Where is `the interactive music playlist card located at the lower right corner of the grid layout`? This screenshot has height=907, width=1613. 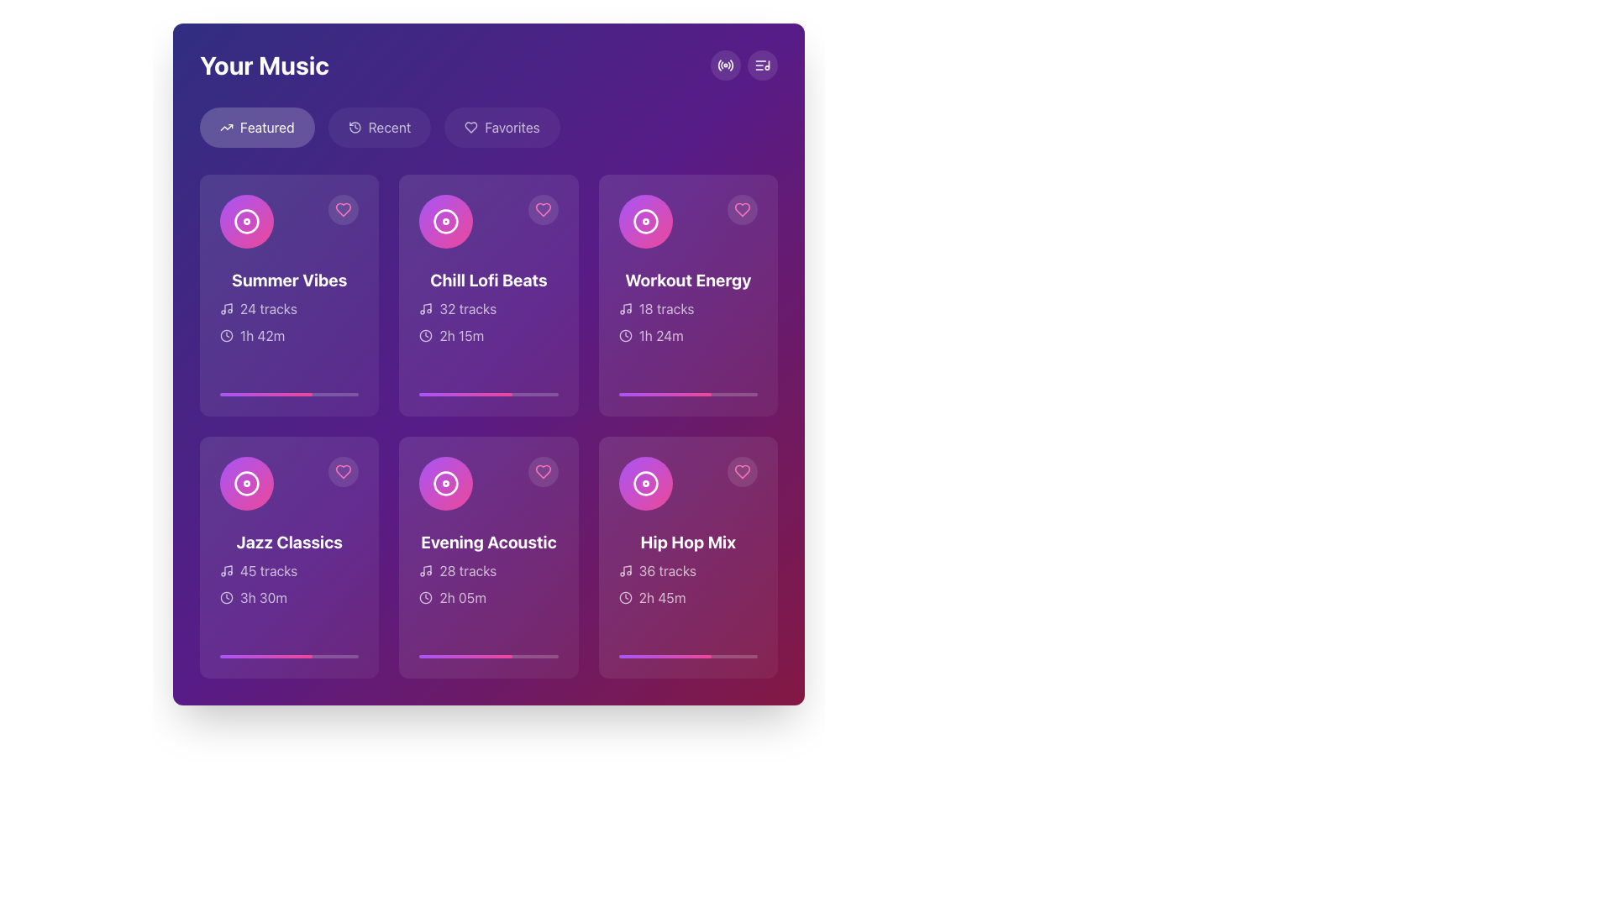 the interactive music playlist card located at the lower right corner of the grid layout is located at coordinates (688, 557).